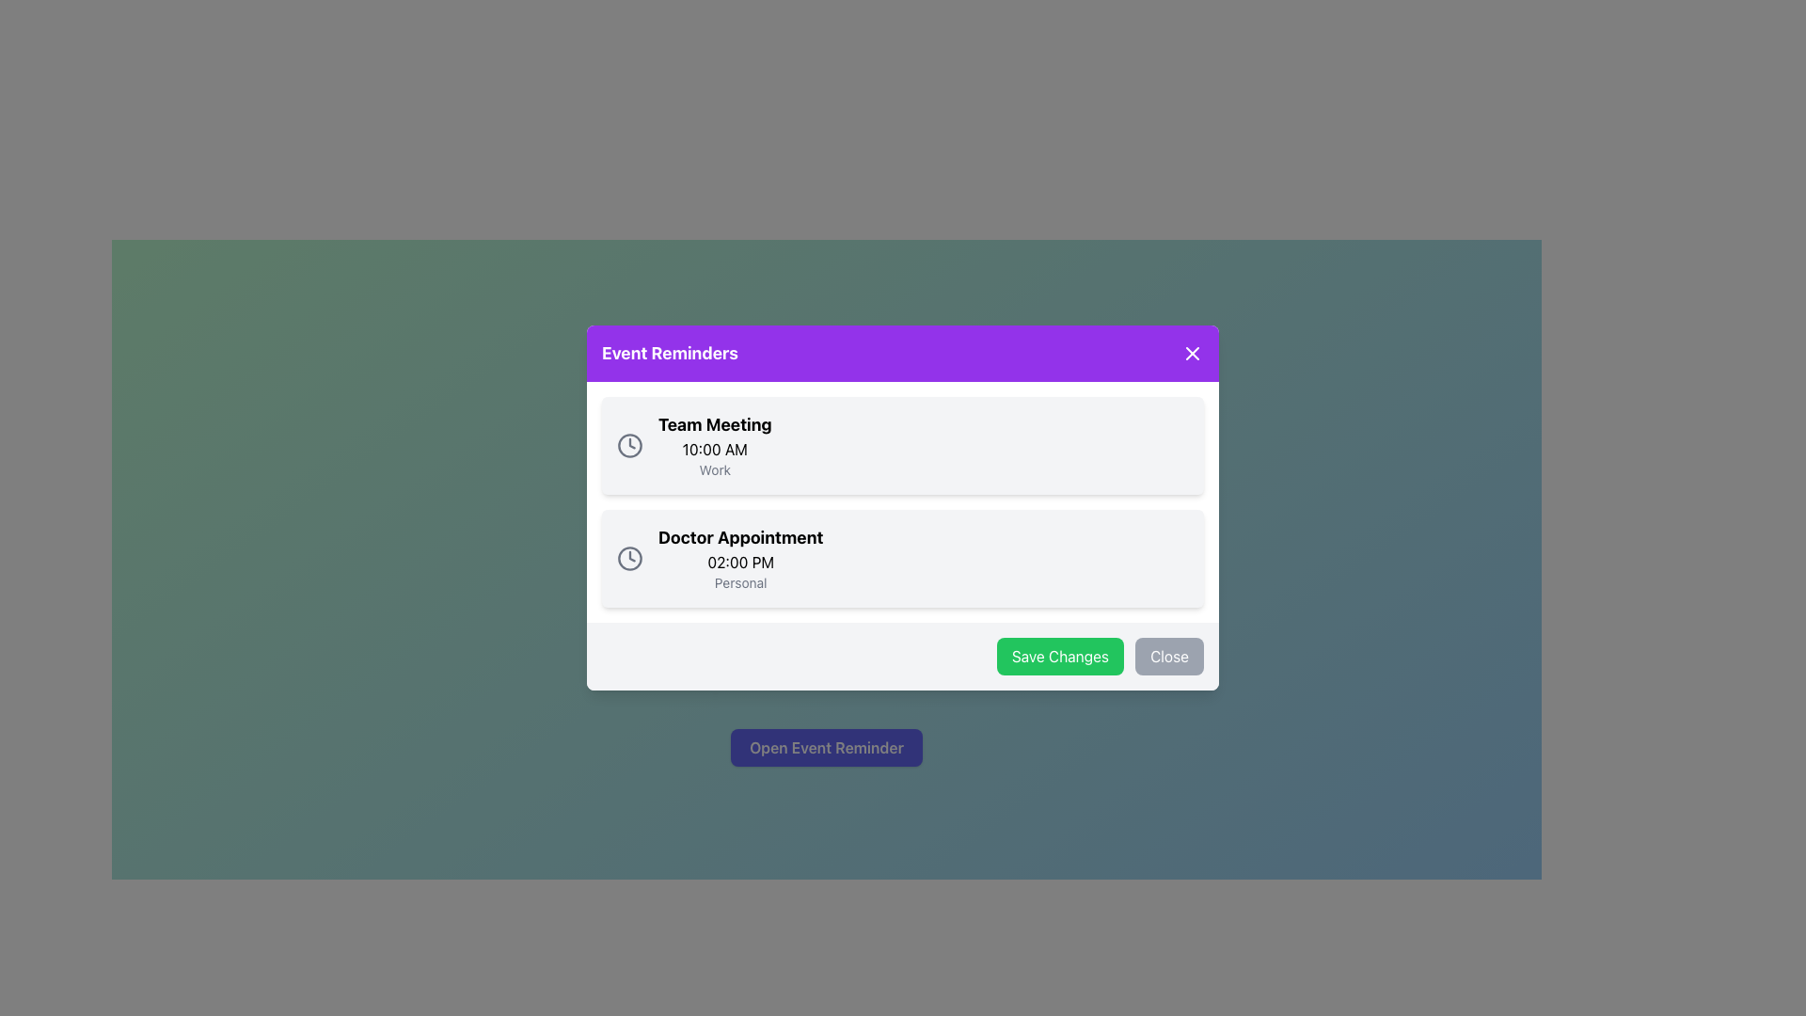 The width and height of the screenshot is (1806, 1016). What do you see at coordinates (1168, 656) in the screenshot?
I see `the 'Close' button, which is a rounded rectangle with a gray background, located at the bottom-right corner of the modal interface` at bounding box center [1168, 656].